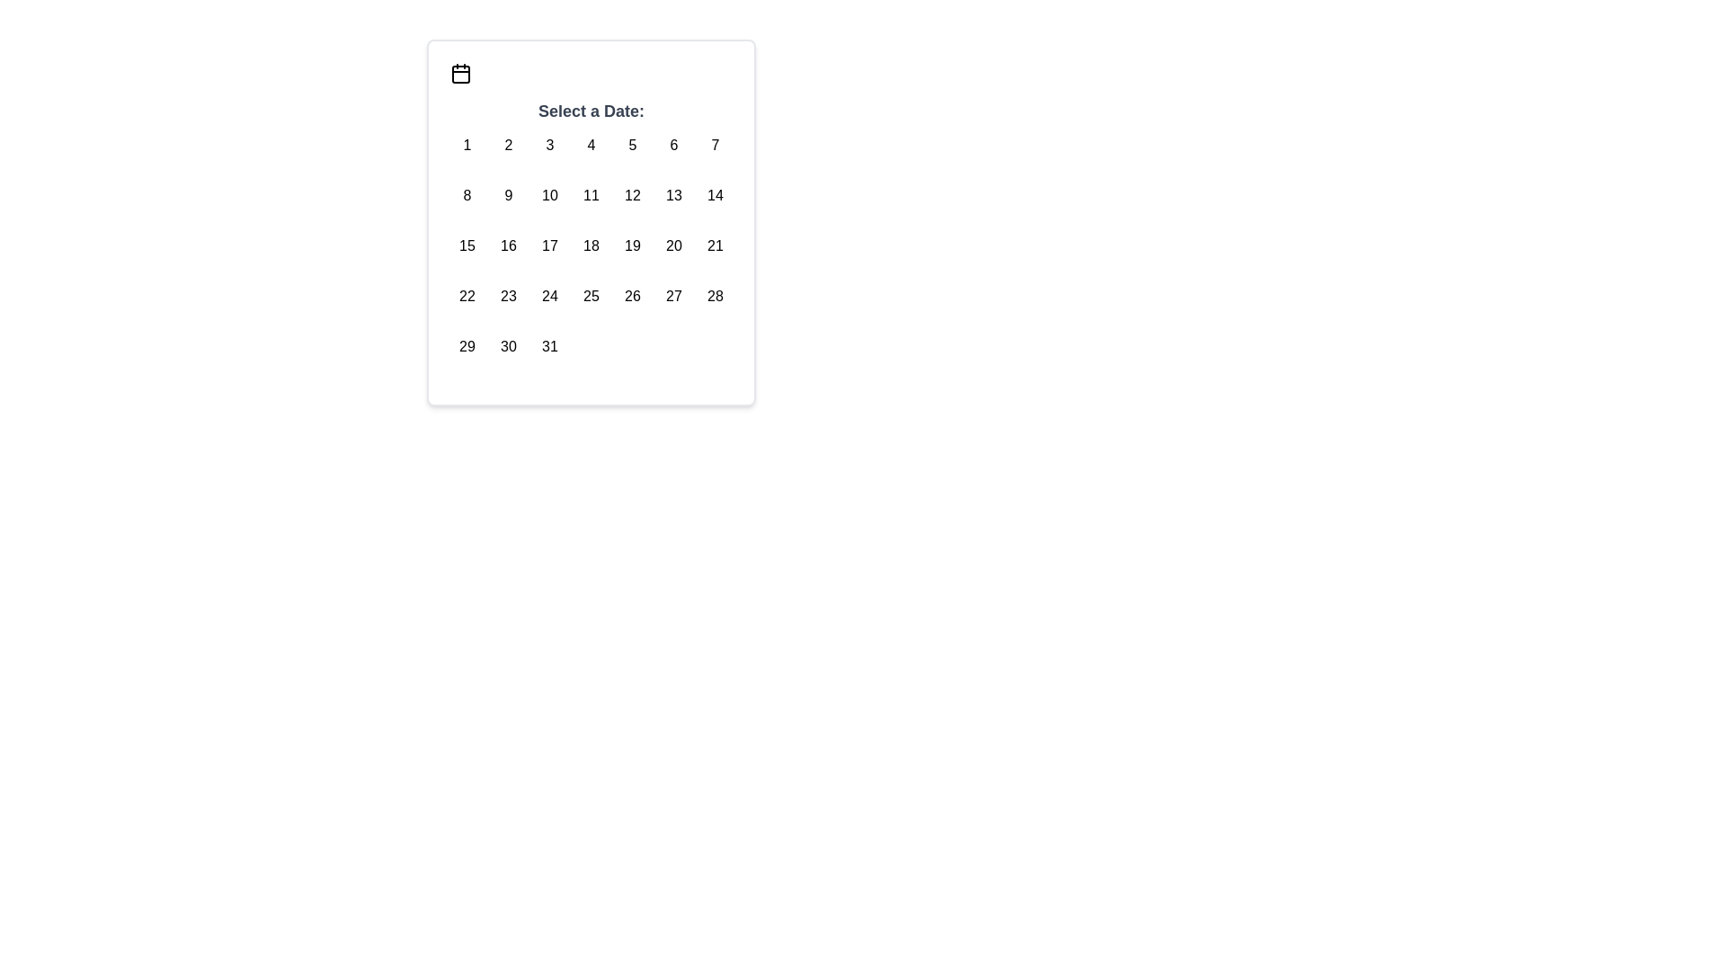 The height and width of the screenshot is (971, 1726). What do you see at coordinates (467, 196) in the screenshot?
I see `the rounded button labeled '8' in the second row of the calendar grid` at bounding box center [467, 196].